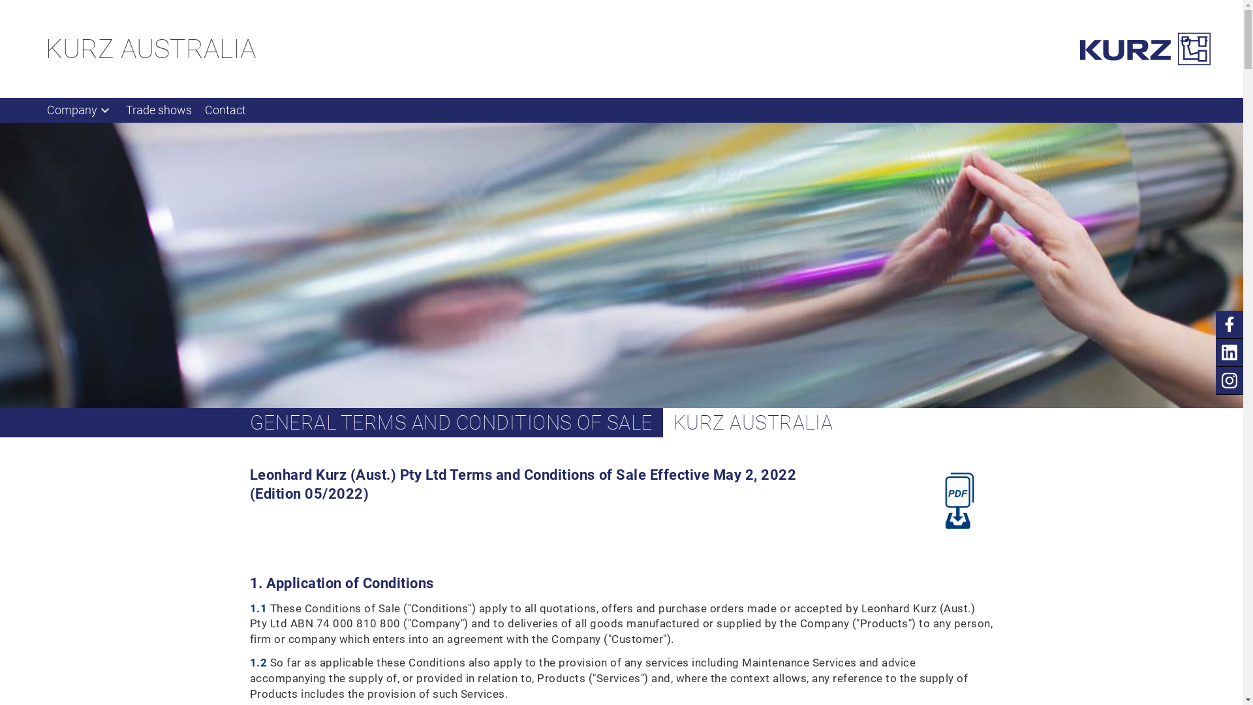 The width and height of the screenshot is (1253, 705). Describe the element at coordinates (225, 110) in the screenshot. I see `'Contact'` at that location.